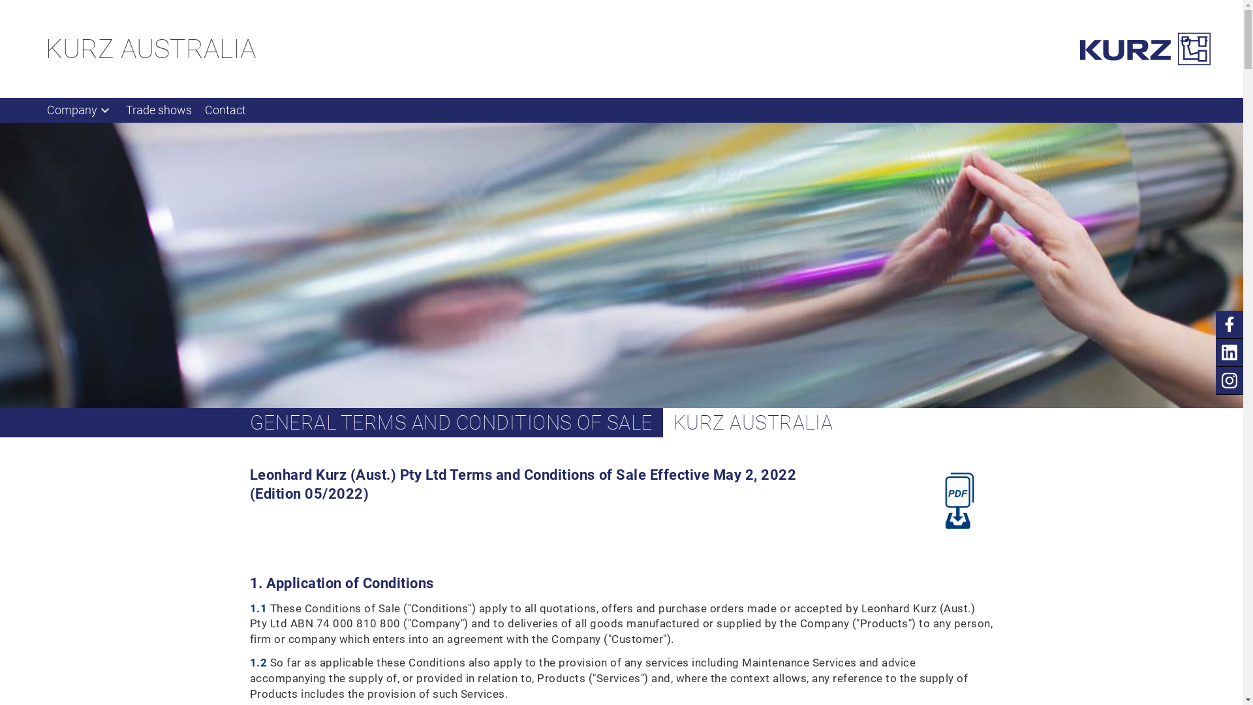 The width and height of the screenshot is (1253, 705). Describe the element at coordinates (225, 110) in the screenshot. I see `'Contact'` at that location.